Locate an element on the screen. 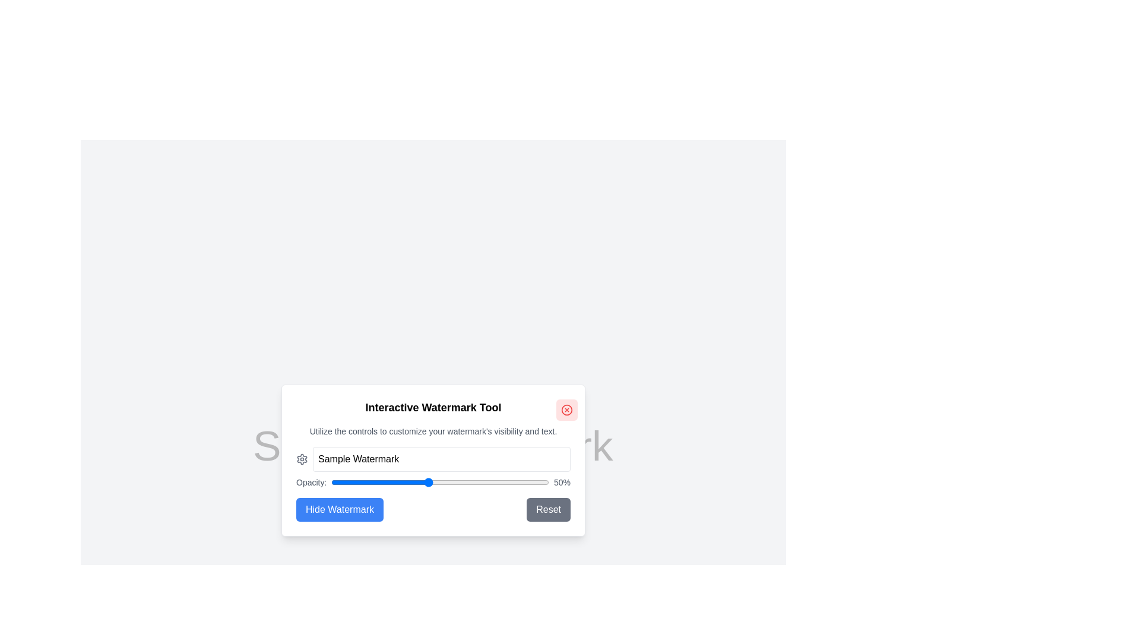  the opacity is located at coordinates (461, 483).